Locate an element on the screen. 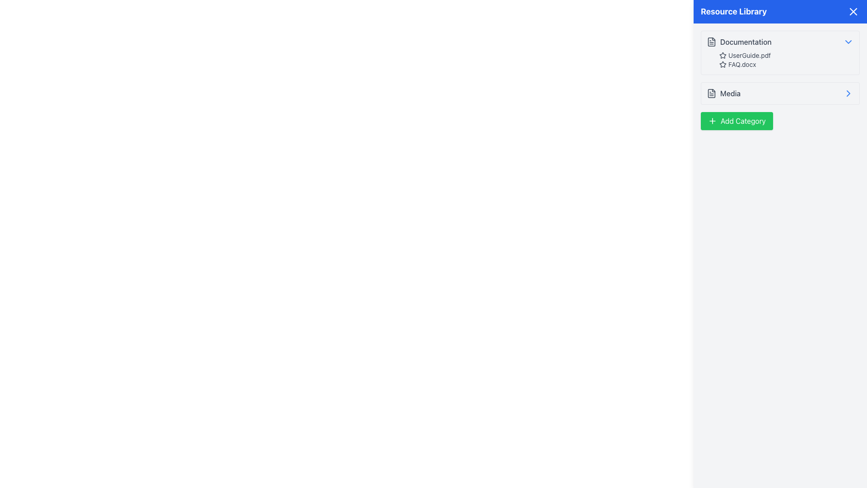  text of the 'Resource Library' label, which is a bold, large white text displayed on a blue background in the top section of the sidebar interface is located at coordinates (734, 12).